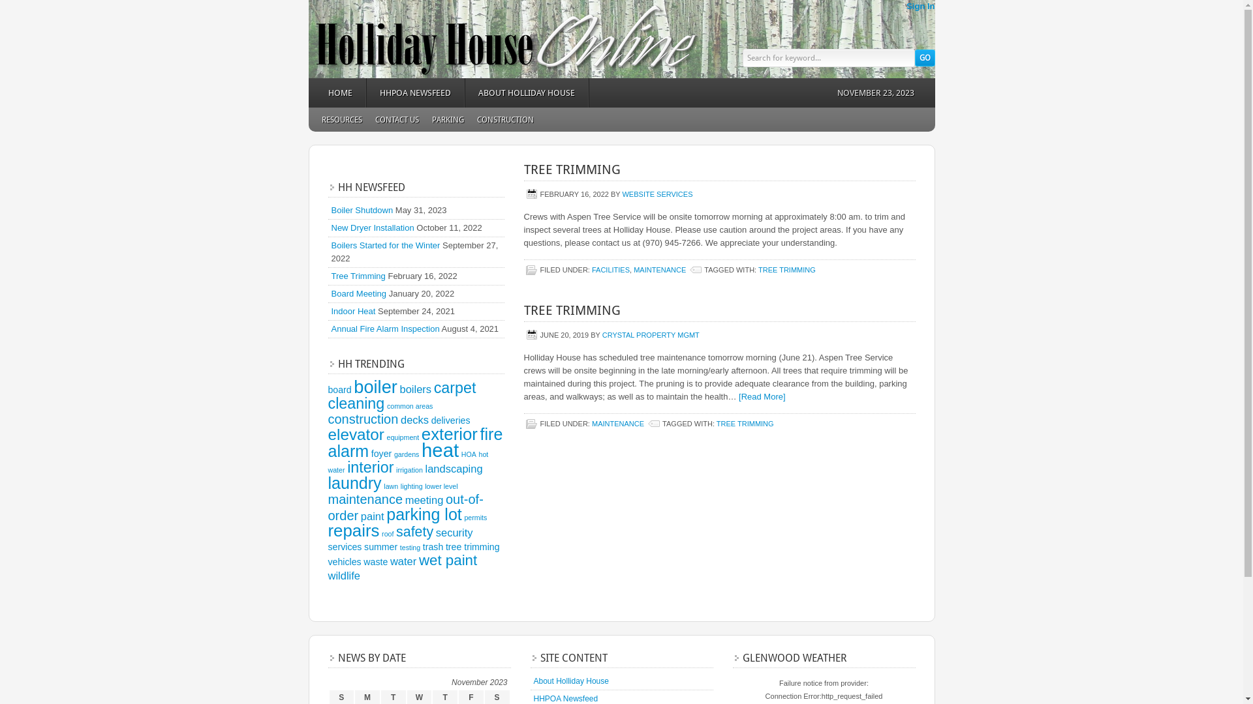  What do you see at coordinates (920, 6) in the screenshot?
I see `'Sign In'` at bounding box center [920, 6].